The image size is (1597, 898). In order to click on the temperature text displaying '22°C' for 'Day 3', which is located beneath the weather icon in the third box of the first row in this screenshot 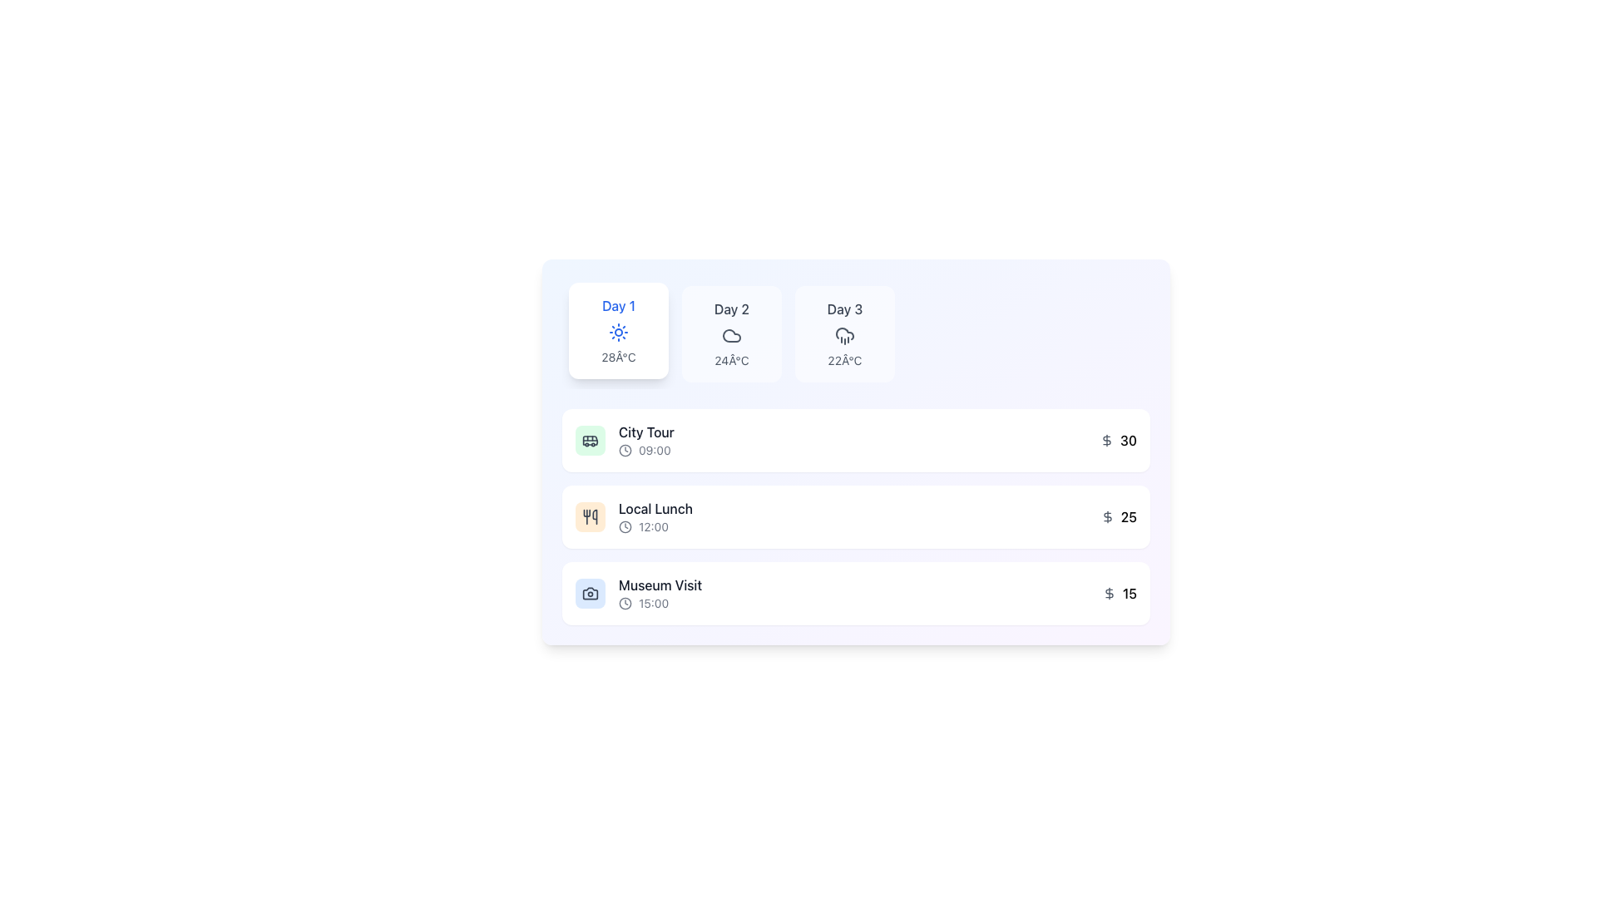, I will do `click(845, 360)`.